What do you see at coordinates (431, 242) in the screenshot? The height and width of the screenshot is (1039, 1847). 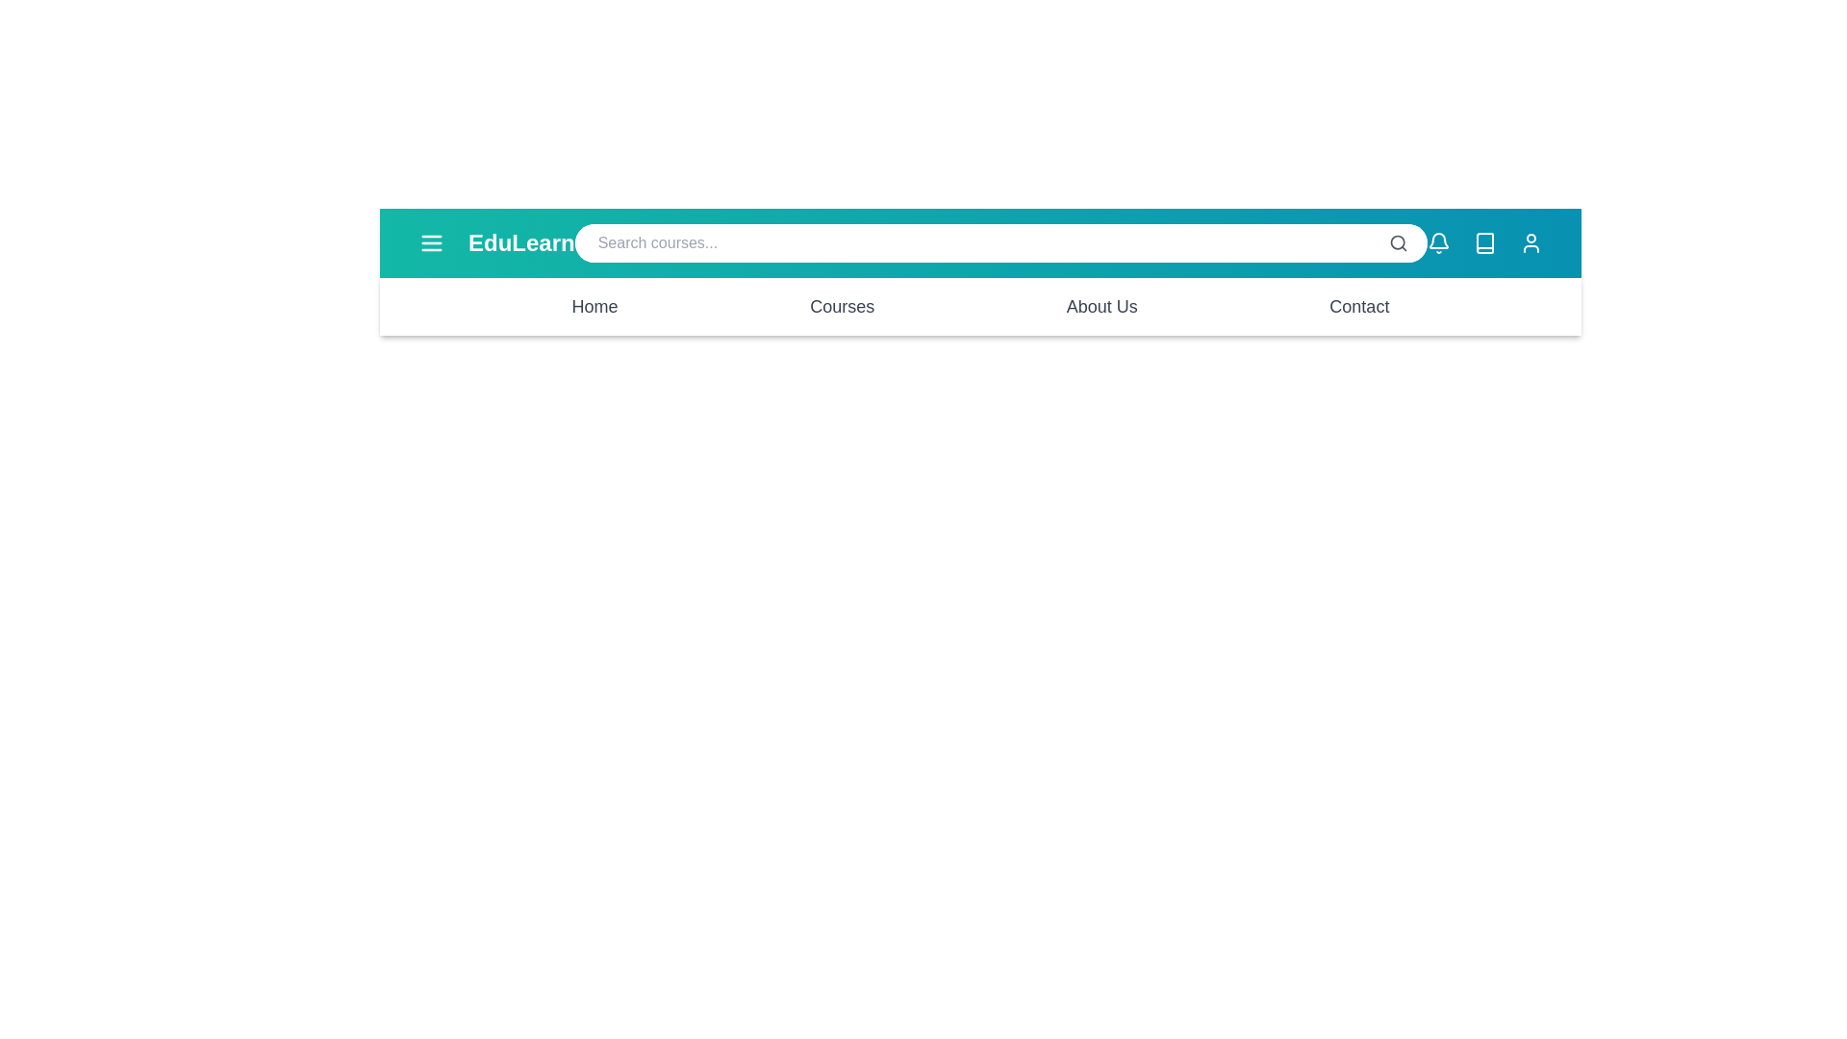 I see `the menu icon to toggle the menu visibility` at bounding box center [431, 242].